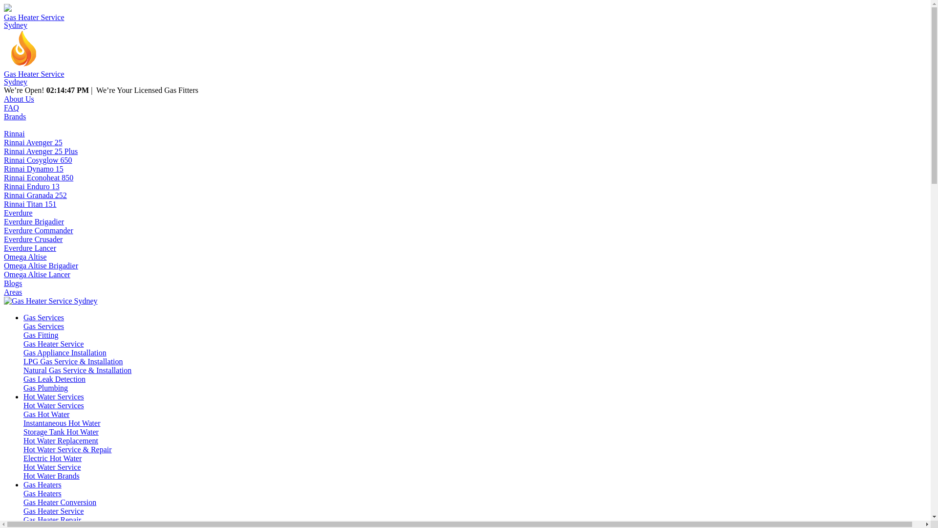  I want to click on 'Hot Water Service', so click(51, 466).